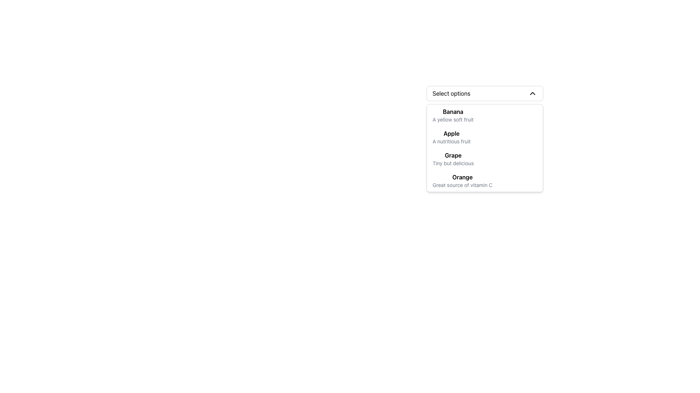  I want to click on descriptive text label for the item 'Grape', which is located directly below the bold text 'Grape' in the dropdown menu of fruit options, so click(453, 163).